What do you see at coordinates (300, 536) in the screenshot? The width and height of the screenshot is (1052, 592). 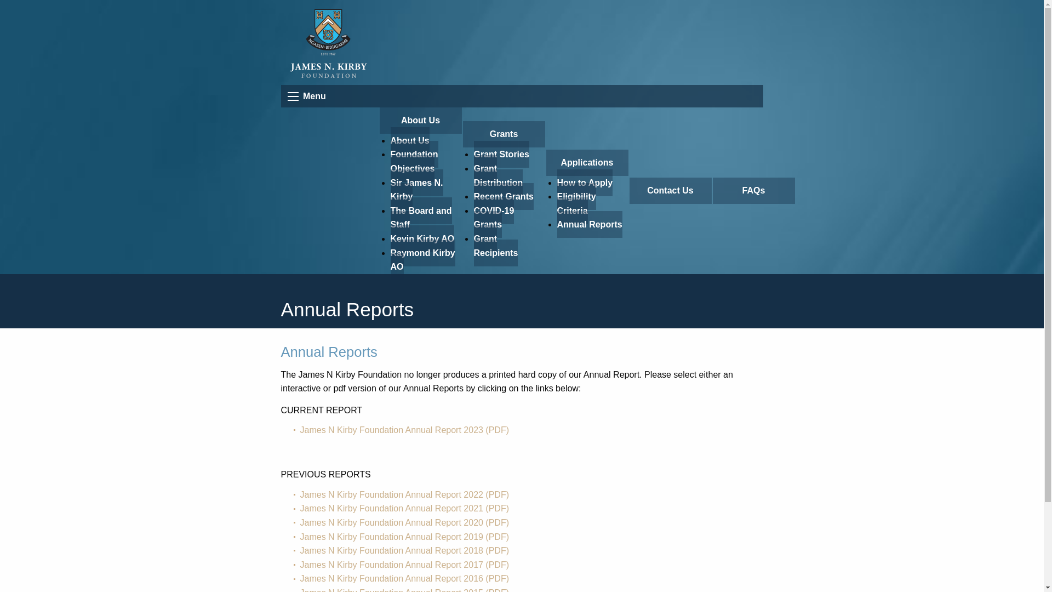 I see `'James N Kirby Foundation Annual Report 2019 (PDF)'` at bounding box center [300, 536].